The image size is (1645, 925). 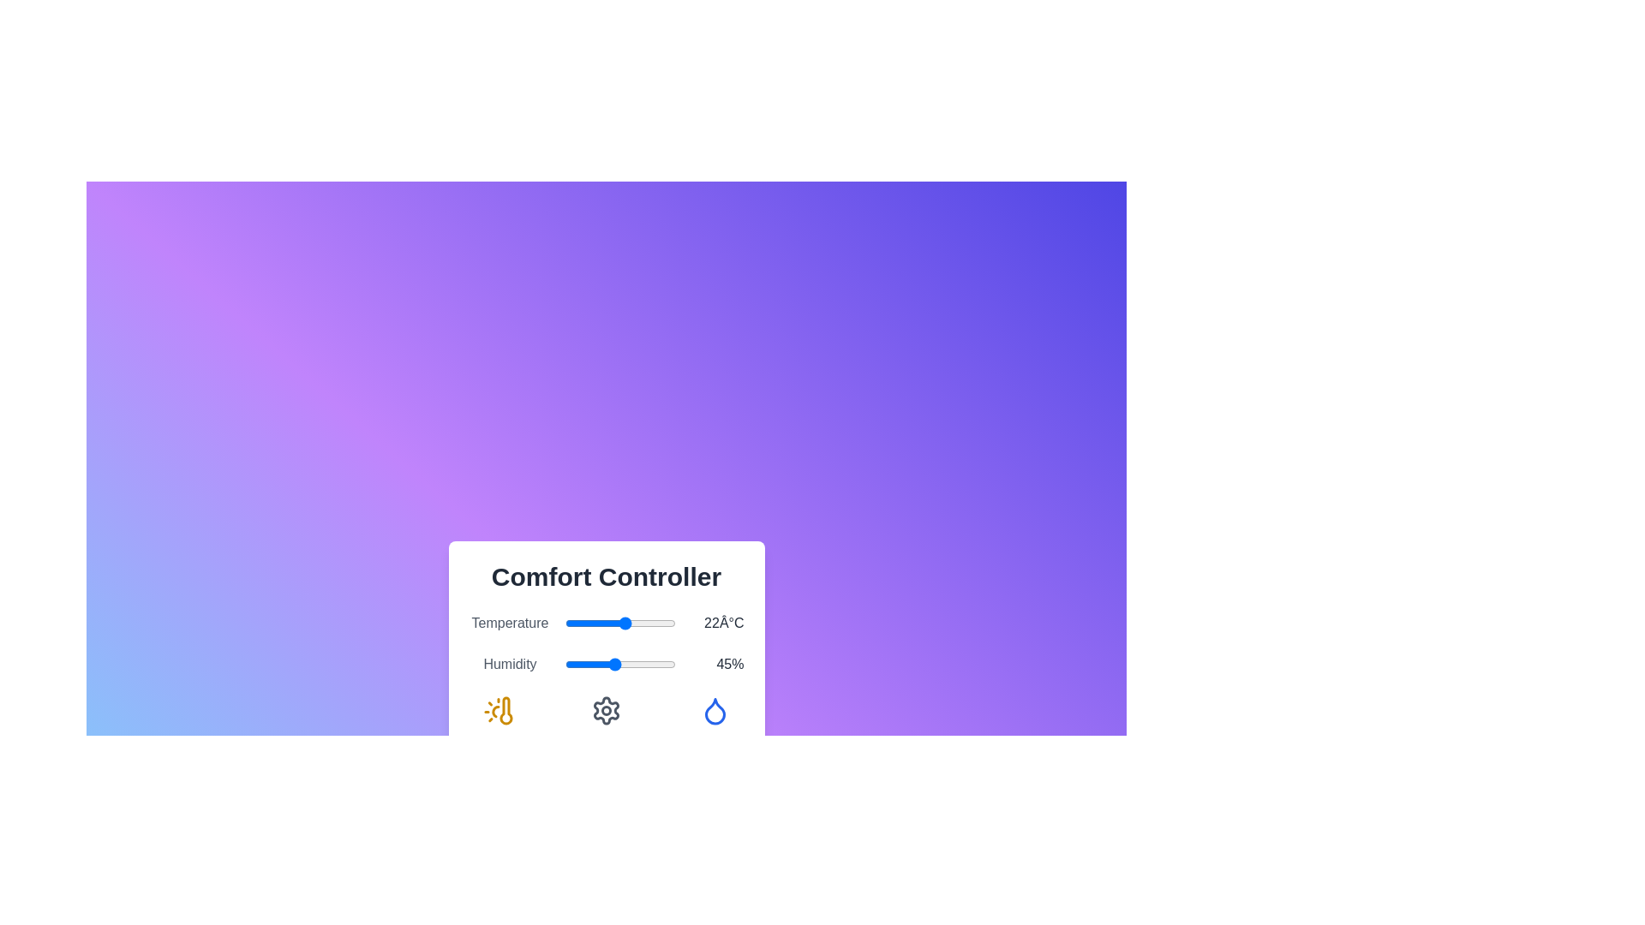 What do you see at coordinates (625, 663) in the screenshot?
I see `the humidity slider to set the value to 55` at bounding box center [625, 663].